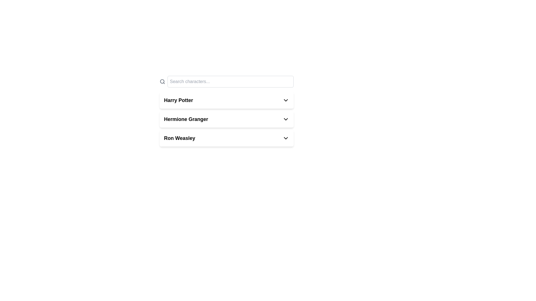 The height and width of the screenshot is (301, 536). Describe the element at coordinates (178, 100) in the screenshot. I see `the 'Harry Potter' text label` at that location.